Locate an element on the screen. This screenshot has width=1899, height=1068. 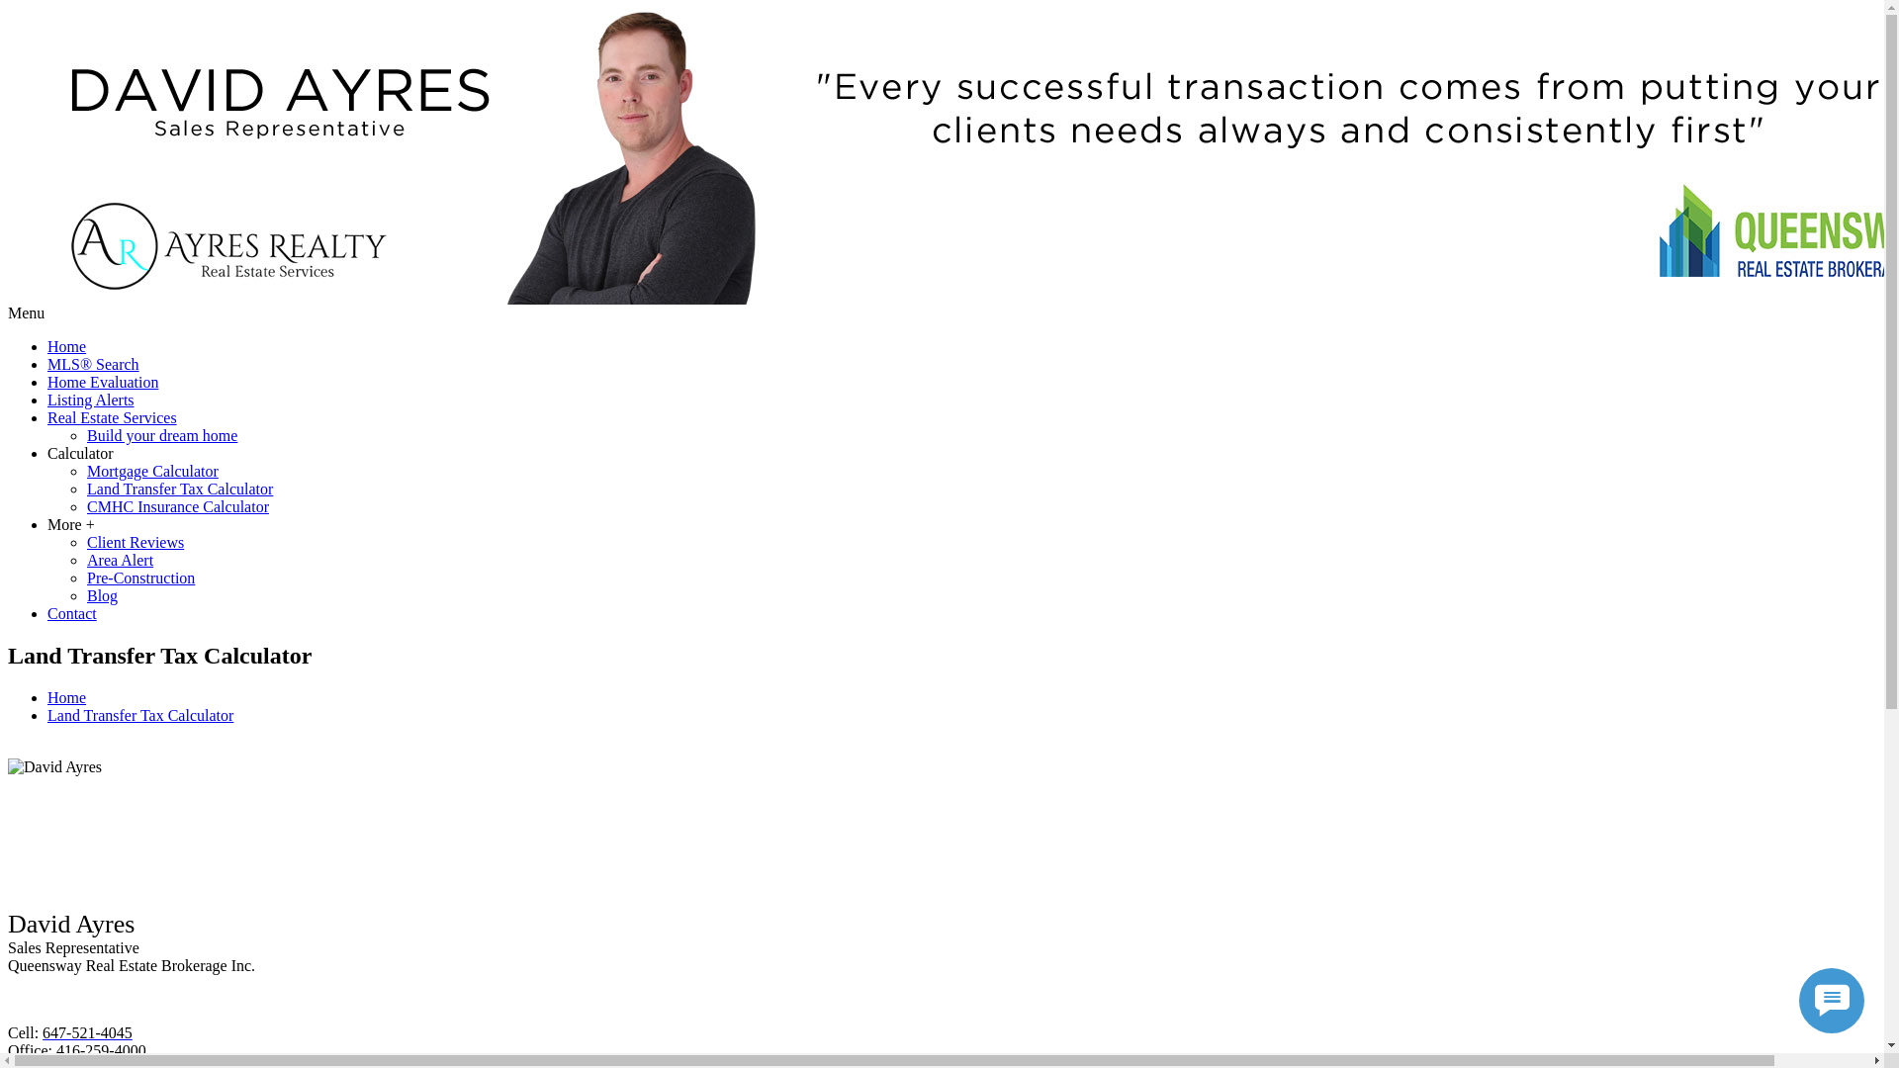
'Home' is located at coordinates (66, 696).